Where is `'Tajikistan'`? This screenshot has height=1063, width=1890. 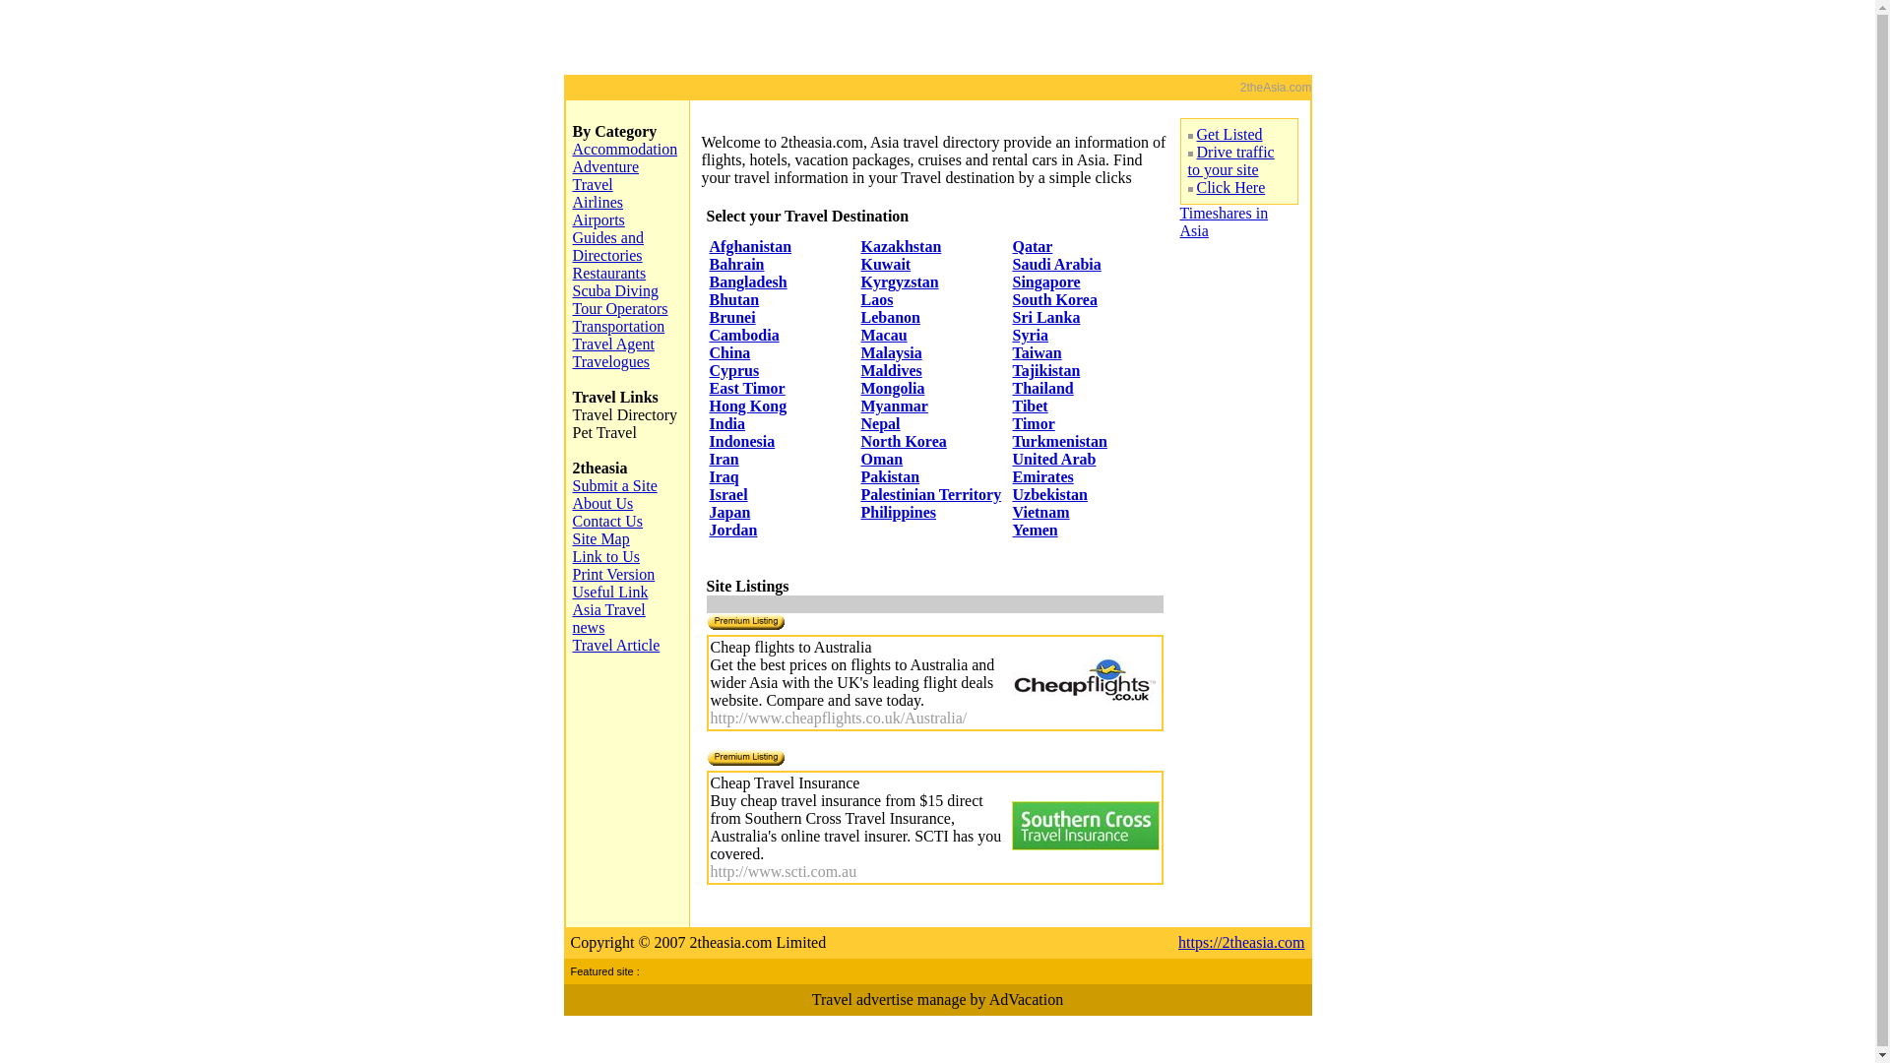
'Tajikistan' is located at coordinates (1044, 370).